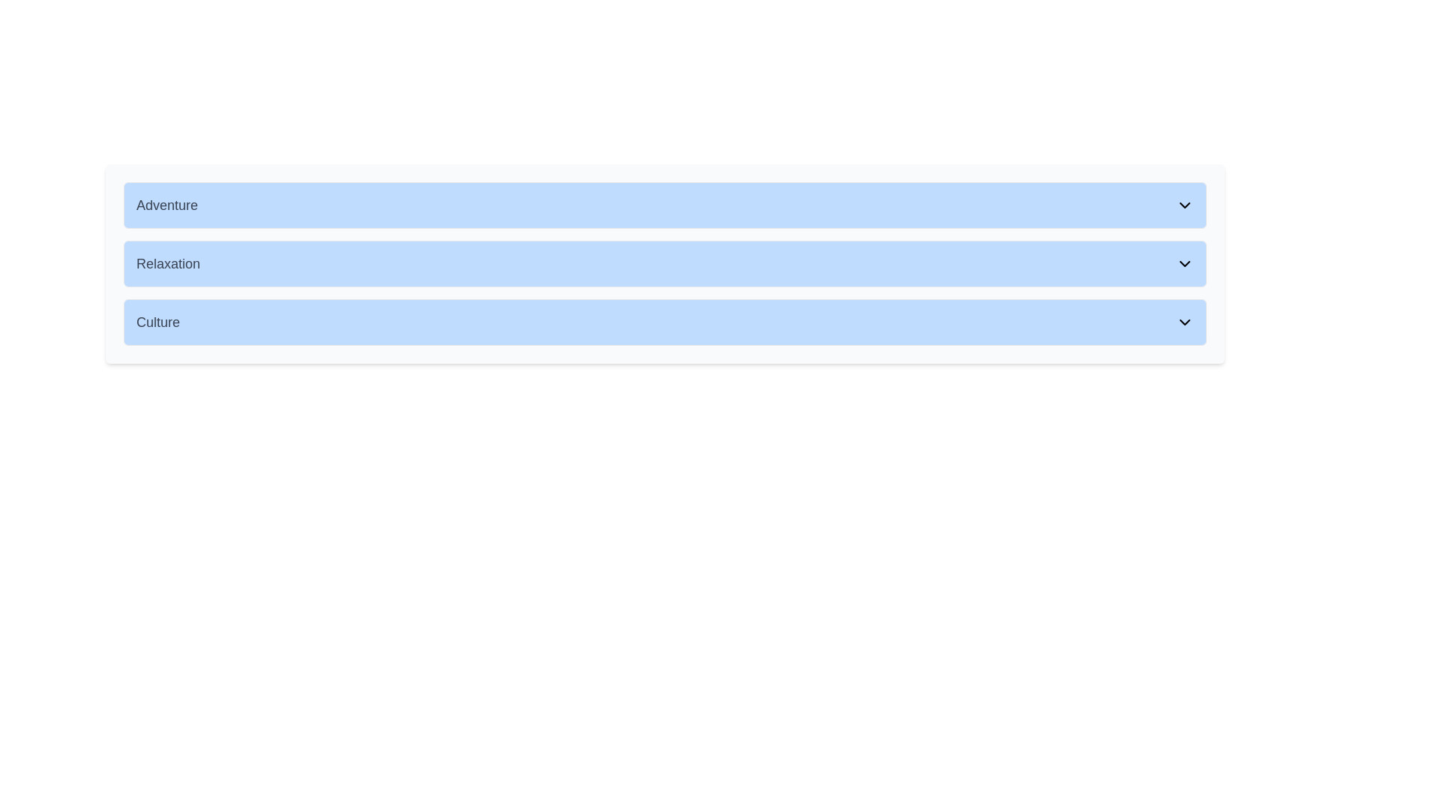  What do you see at coordinates (1183, 321) in the screenshot?
I see `the Dropdown Indicator Icon at the right end of the 'Culture' section` at bounding box center [1183, 321].